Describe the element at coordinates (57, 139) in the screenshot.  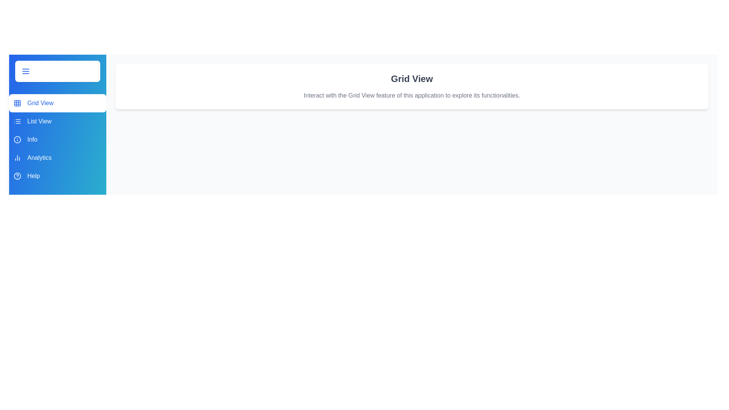
I see `the sidebar menu item labeled Info` at that location.